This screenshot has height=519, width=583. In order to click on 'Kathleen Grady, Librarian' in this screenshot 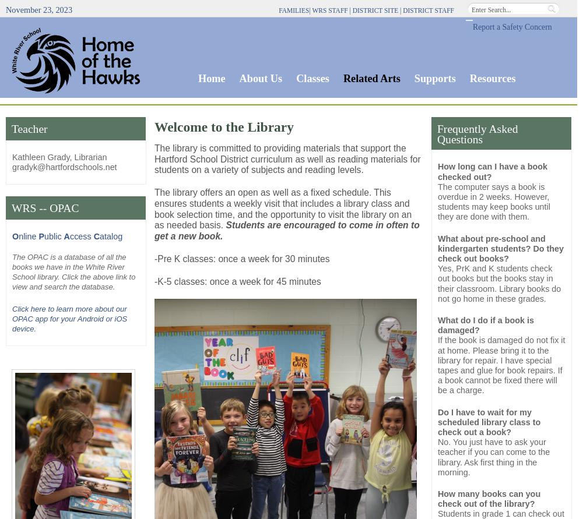, I will do `click(59, 156)`.